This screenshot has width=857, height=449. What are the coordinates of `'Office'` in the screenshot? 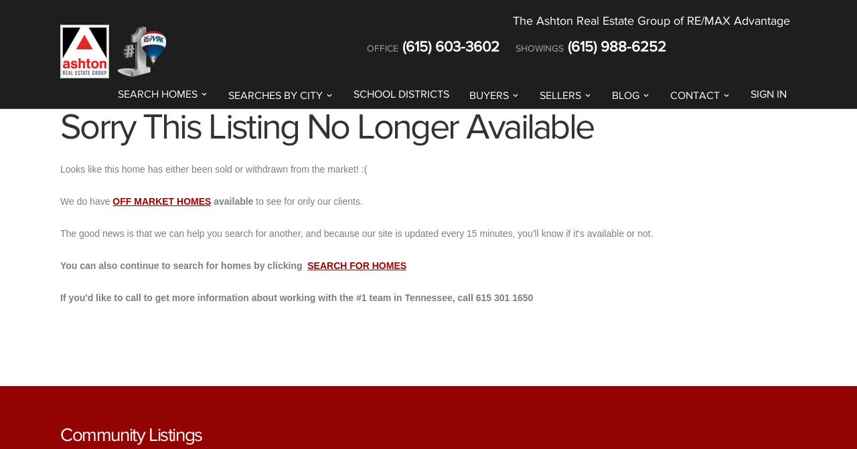 It's located at (366, 48).